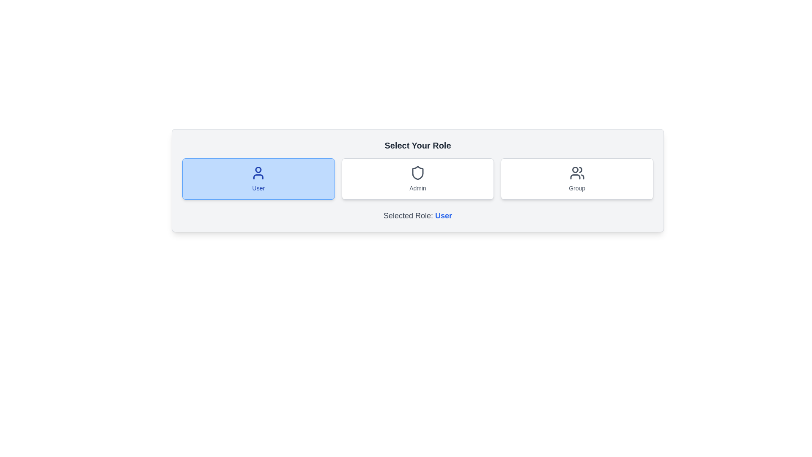  I want to click on the role User by clicking on its corresponding button, so click(258, 179).